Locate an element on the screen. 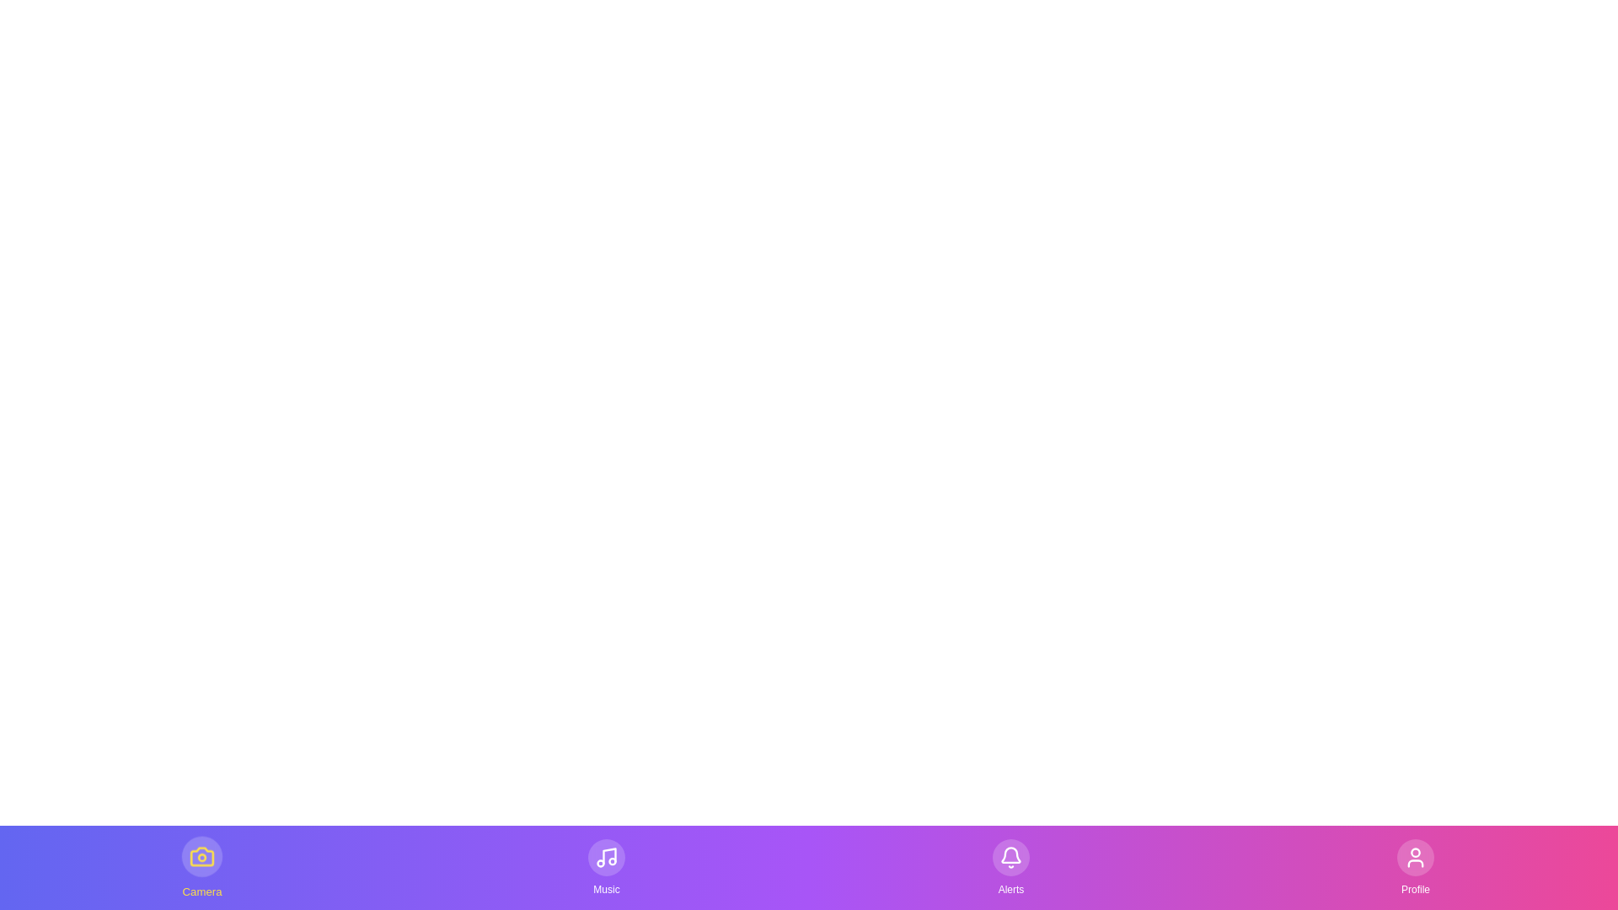  the Camera tab by clicking on its button is located at coordinates (202, 867).